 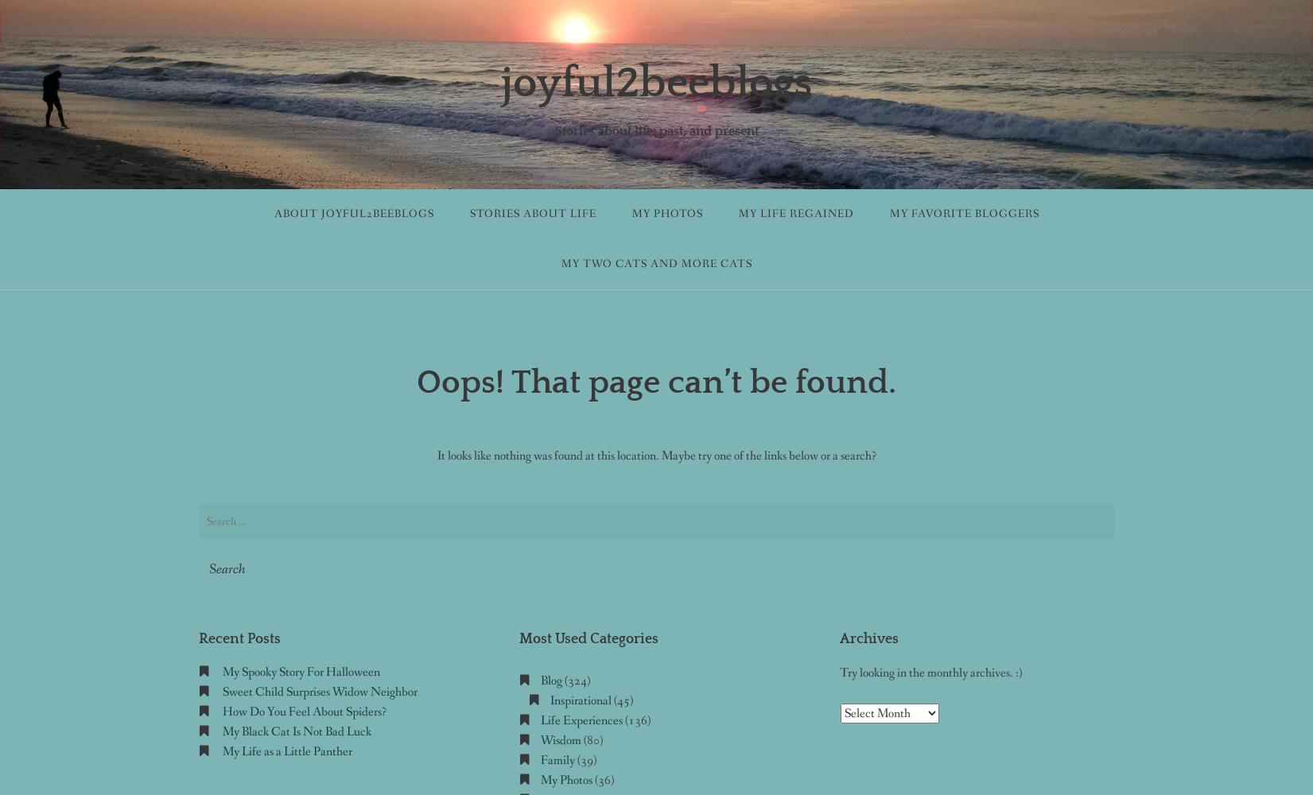 I want to click on 'Stories about Life', so click(x=532, y=214).